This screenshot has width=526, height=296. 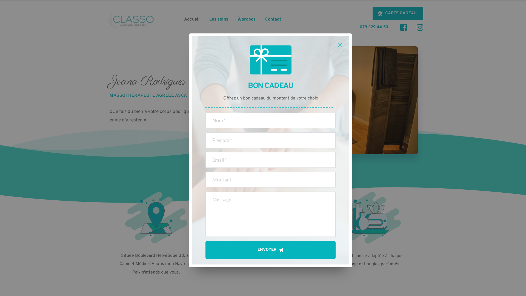 I want to click on 'CARTE CADEAU ', so click(x=398, y=13).